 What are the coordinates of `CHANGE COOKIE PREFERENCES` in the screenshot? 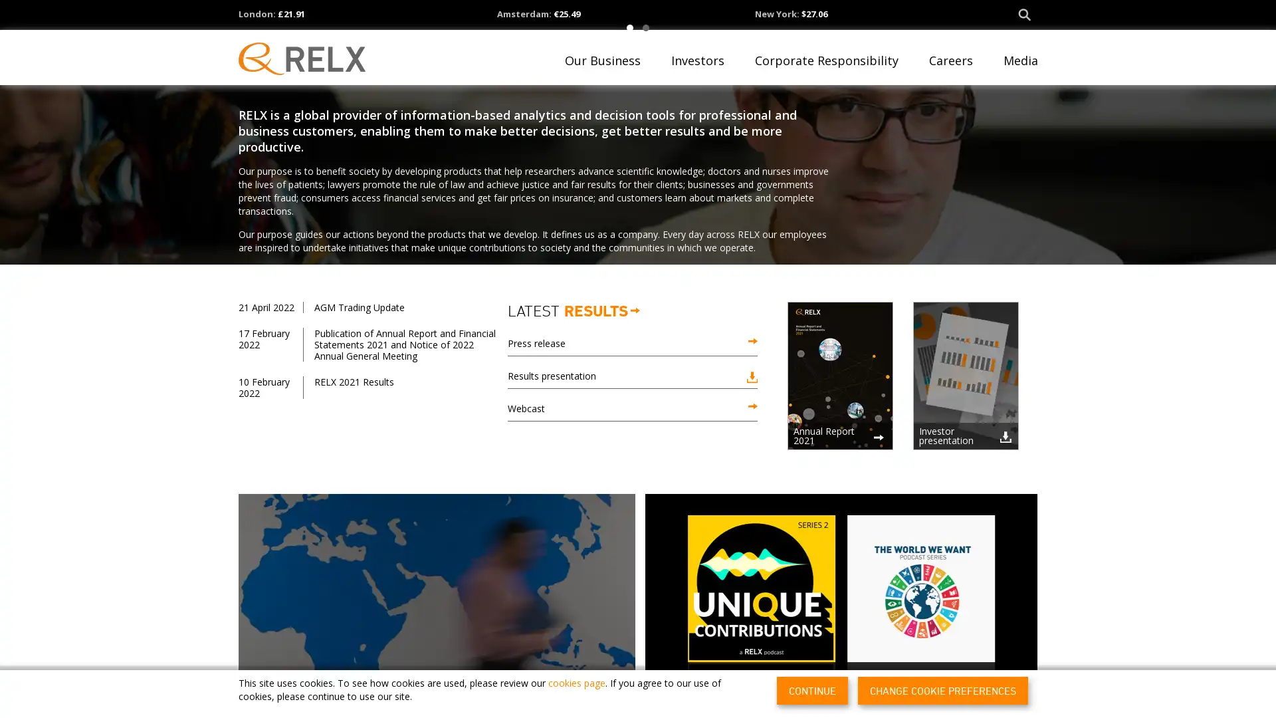 It's located at (942, 689).